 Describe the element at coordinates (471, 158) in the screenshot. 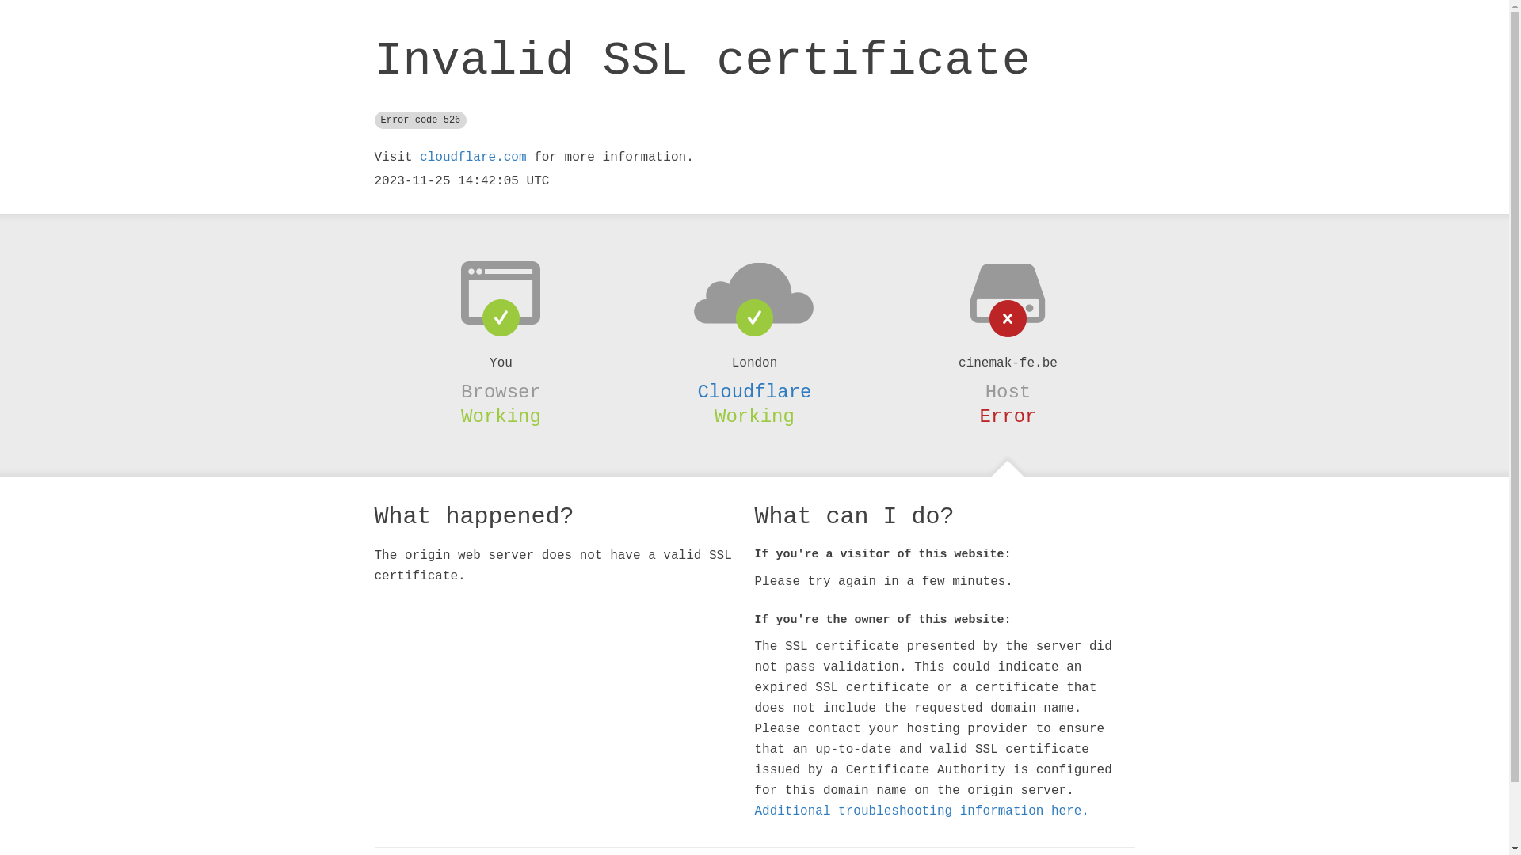

I see `'cloudflare.com'` at that location.